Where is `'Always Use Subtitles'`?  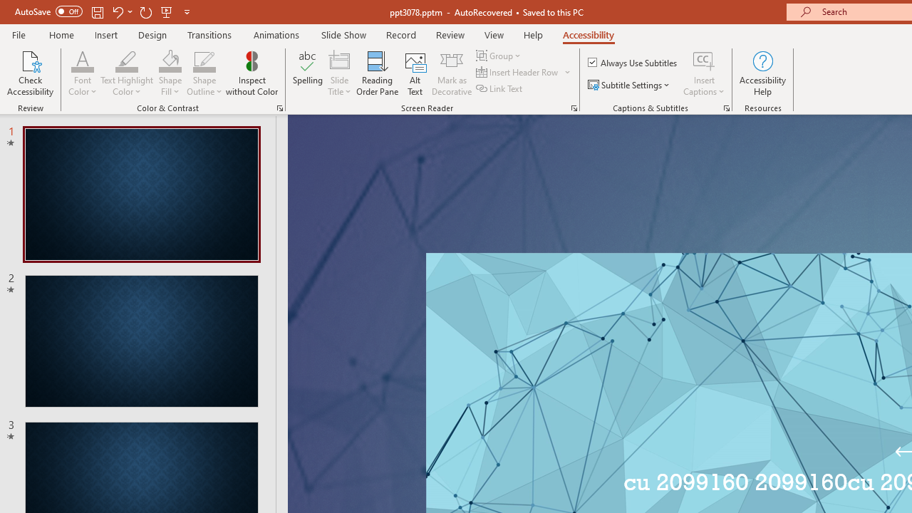
'Always Use Subtitles' is located at coordinates (633, 61).